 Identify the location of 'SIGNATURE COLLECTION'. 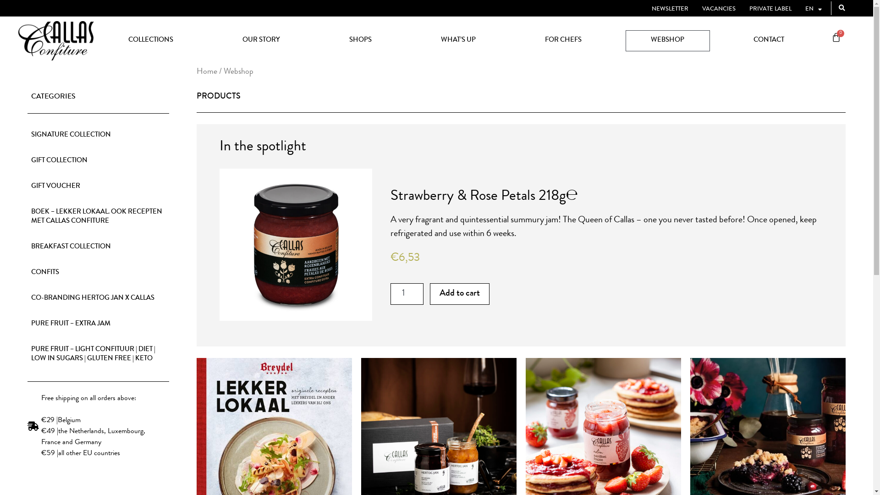
(98, 136).